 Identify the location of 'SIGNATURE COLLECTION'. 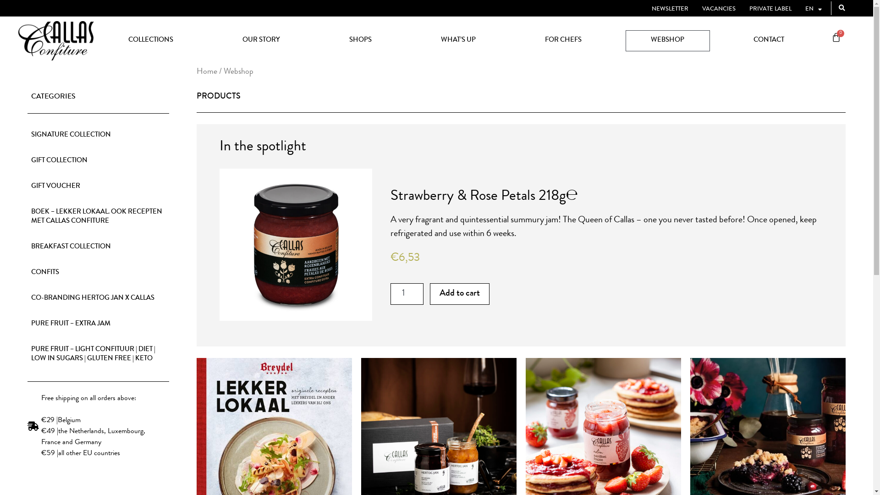
(98, 136).